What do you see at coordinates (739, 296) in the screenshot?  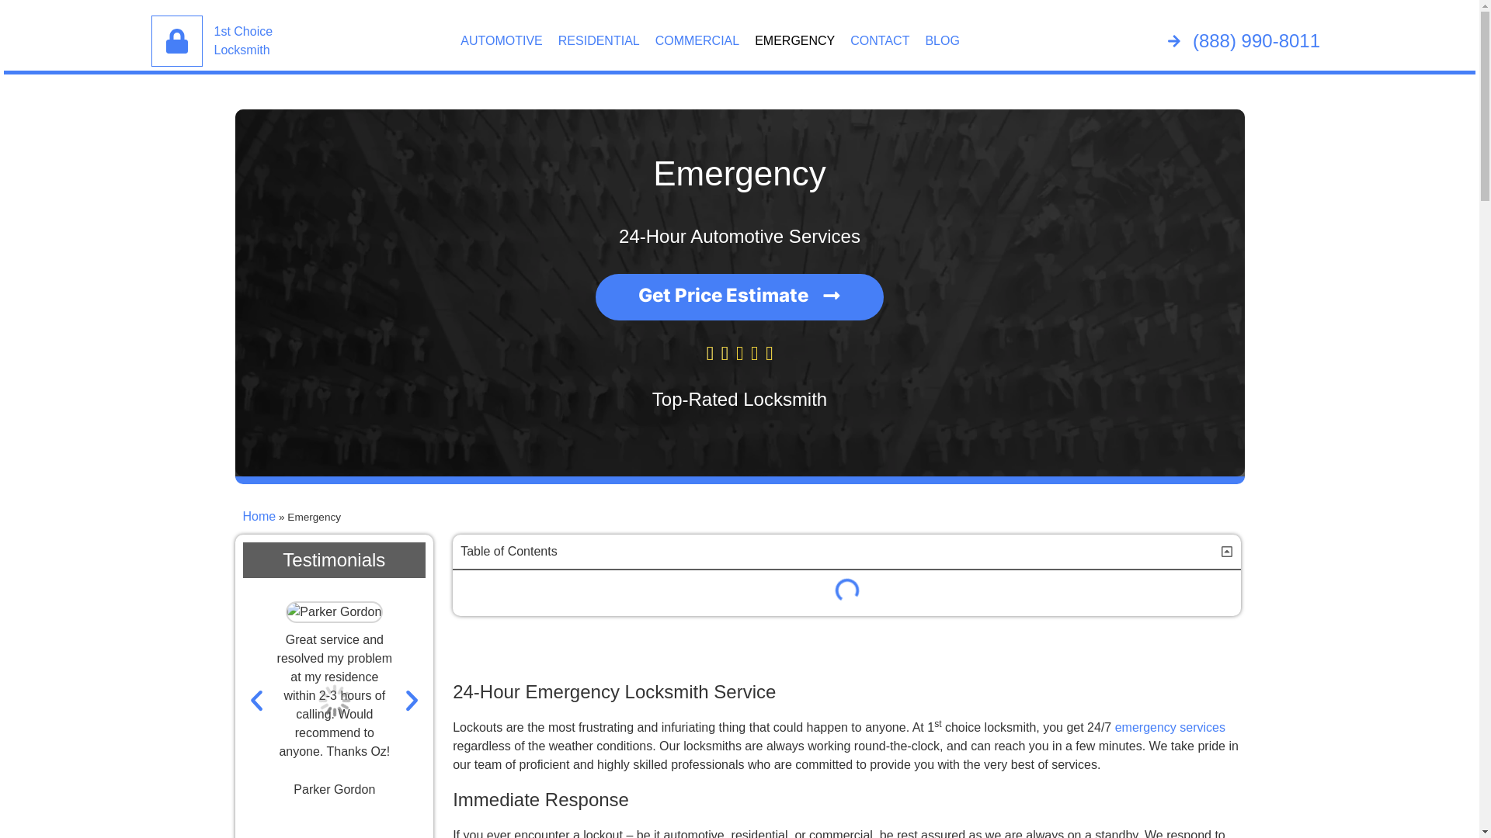 I see `'Get Price Estimate'` at bounding box center [739, 296].